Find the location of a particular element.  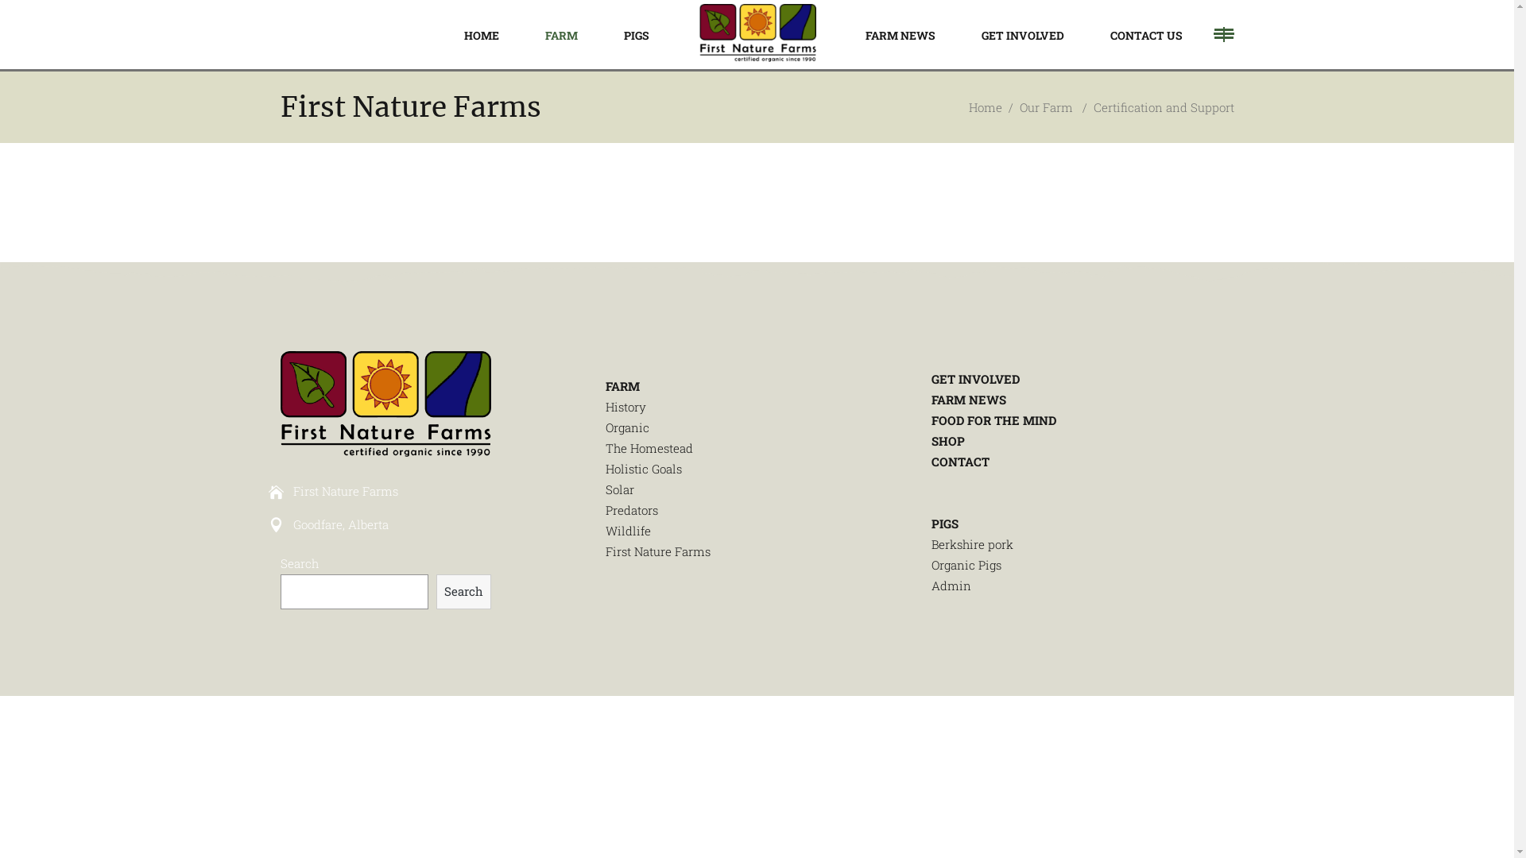

'Organic Pigs' is located at coordinates (931, 563).